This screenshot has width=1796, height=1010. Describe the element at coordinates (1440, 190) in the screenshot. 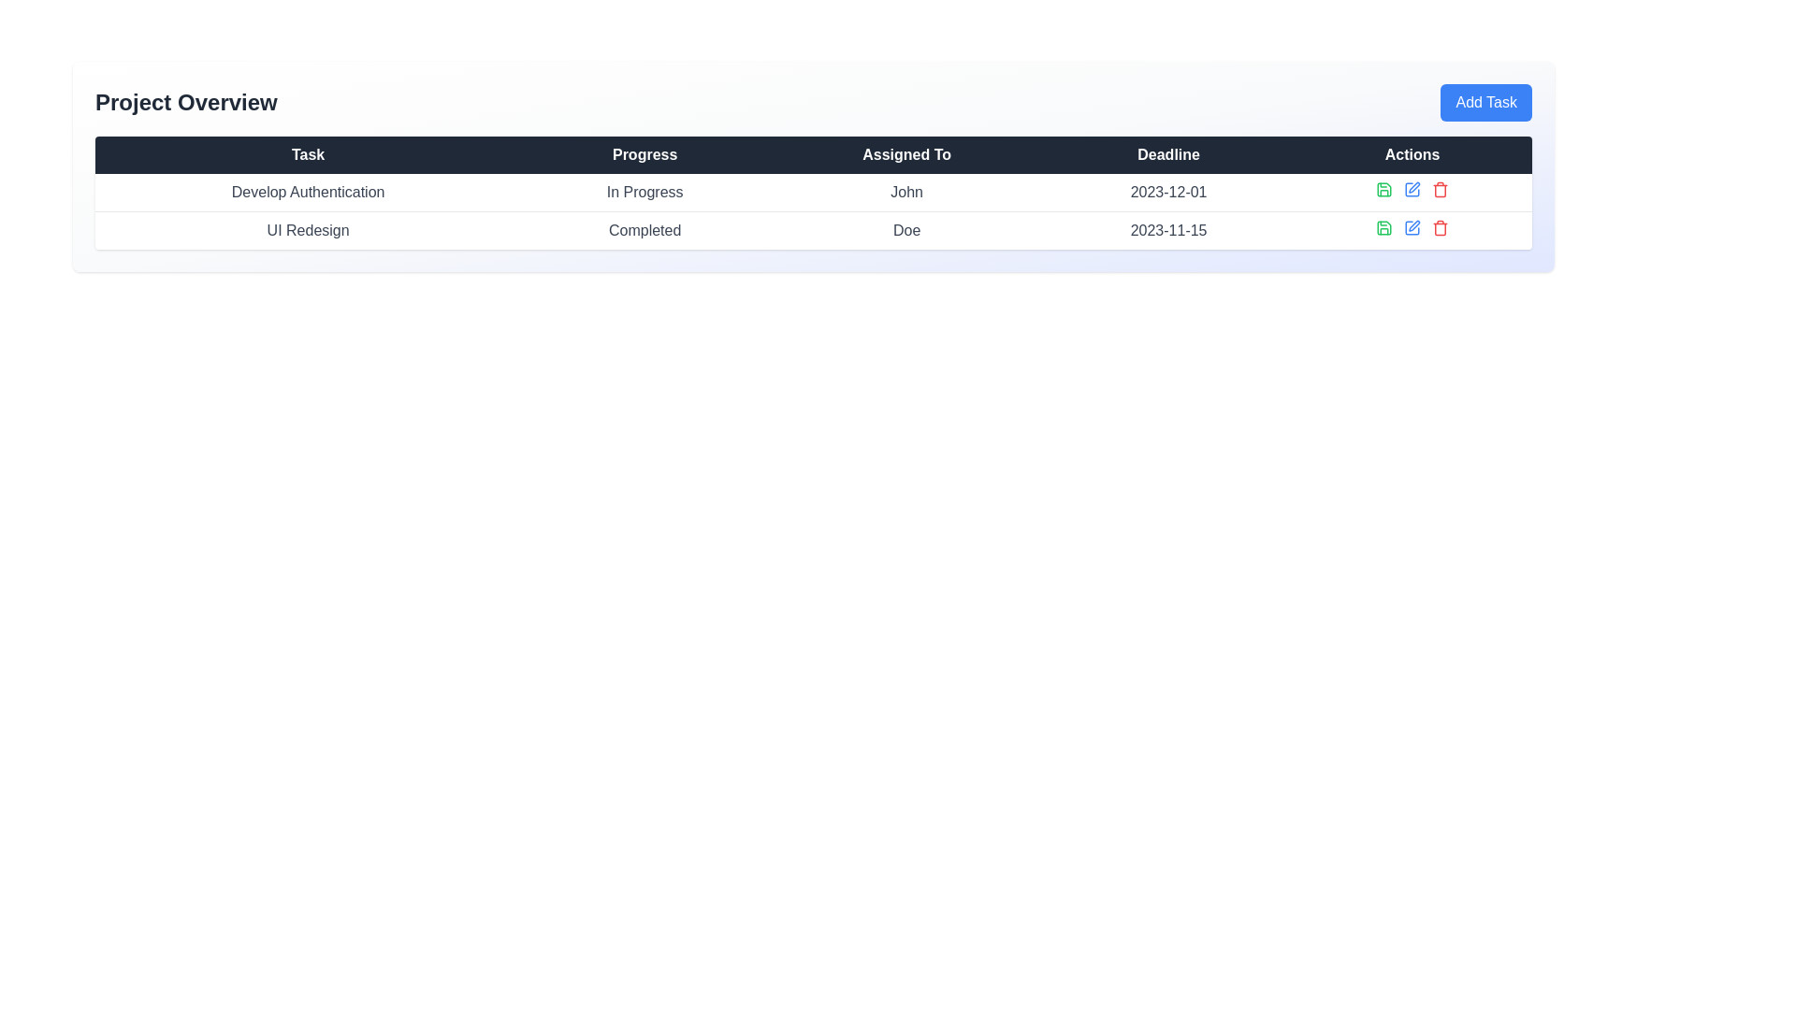

I see `the delete icon button located at the far right of the action icons in the table, which represents a delete action for the corresponding row` at that location.